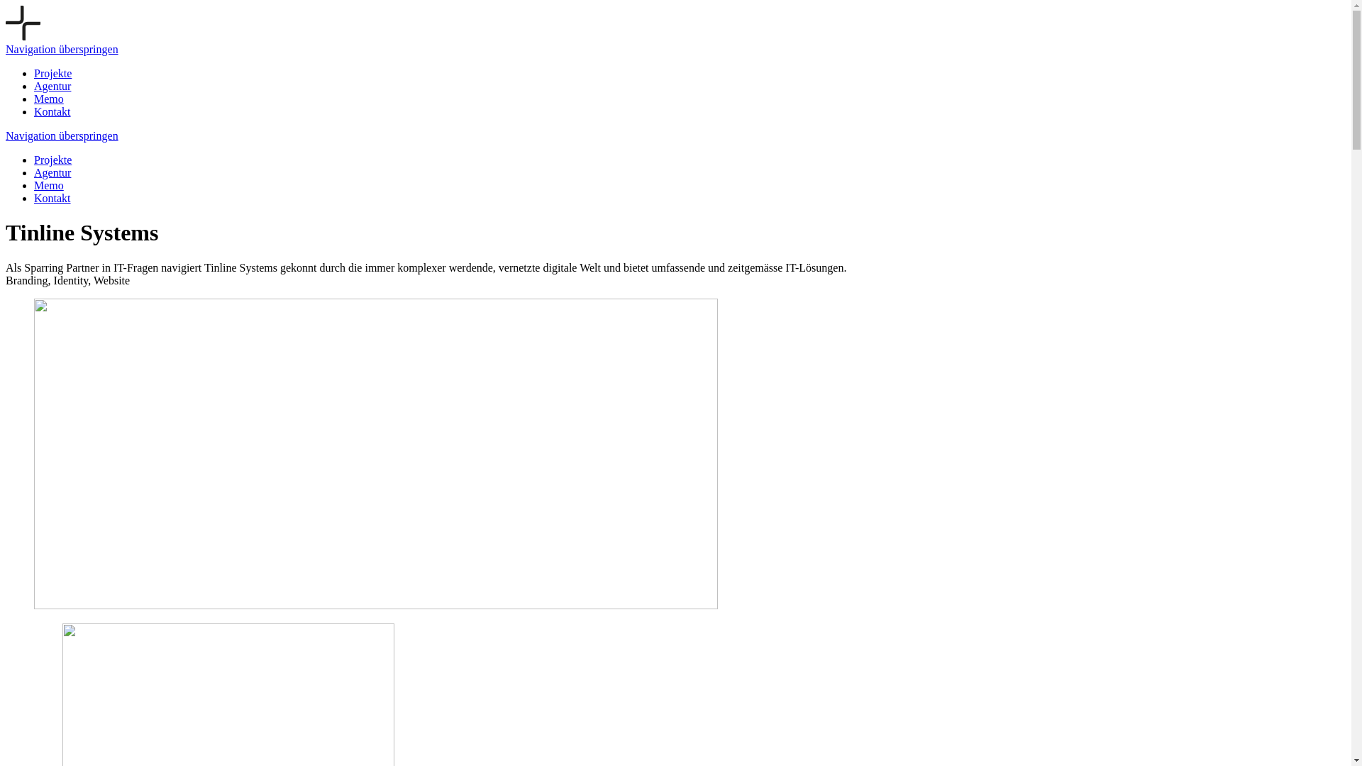  I want to click on 'Kontakt', so click(52, 198).